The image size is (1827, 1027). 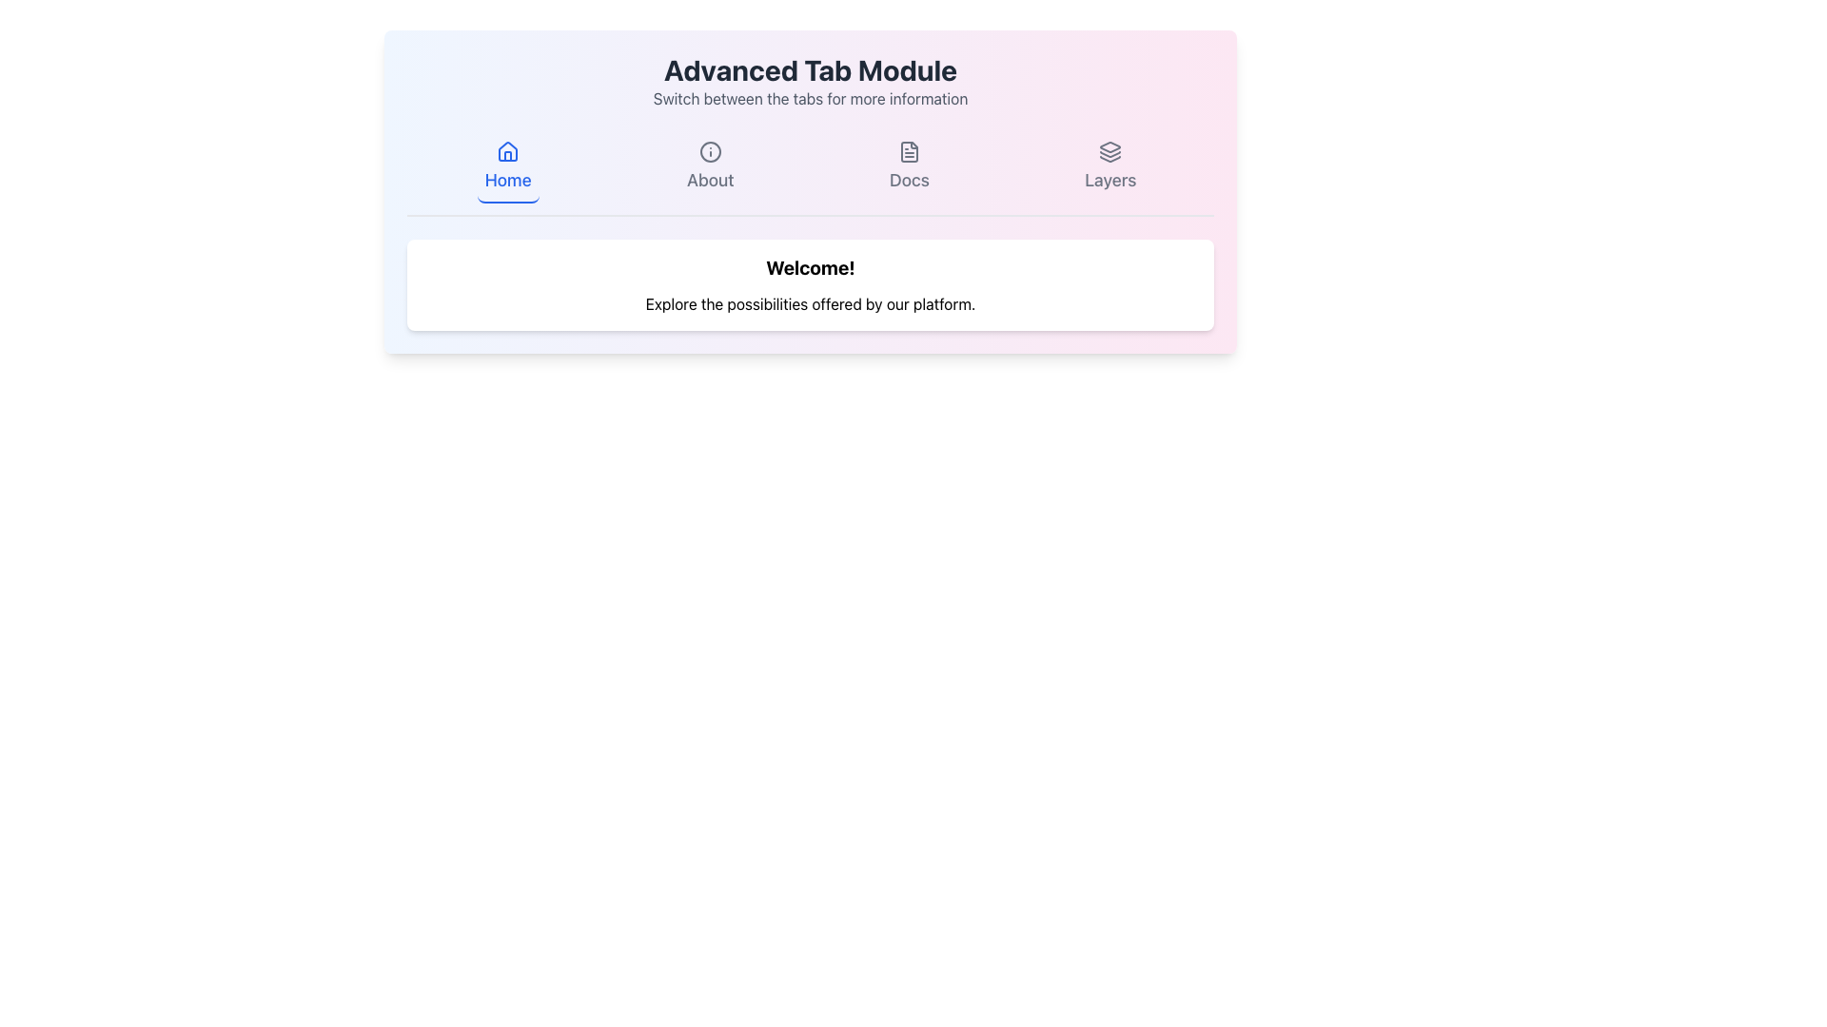 I want to click on the 'About' SVG icon in the navigation menu, which visually represents the concept of 'About' and is positioned centrally above the 'About' text label, so click(x=709, y=150).